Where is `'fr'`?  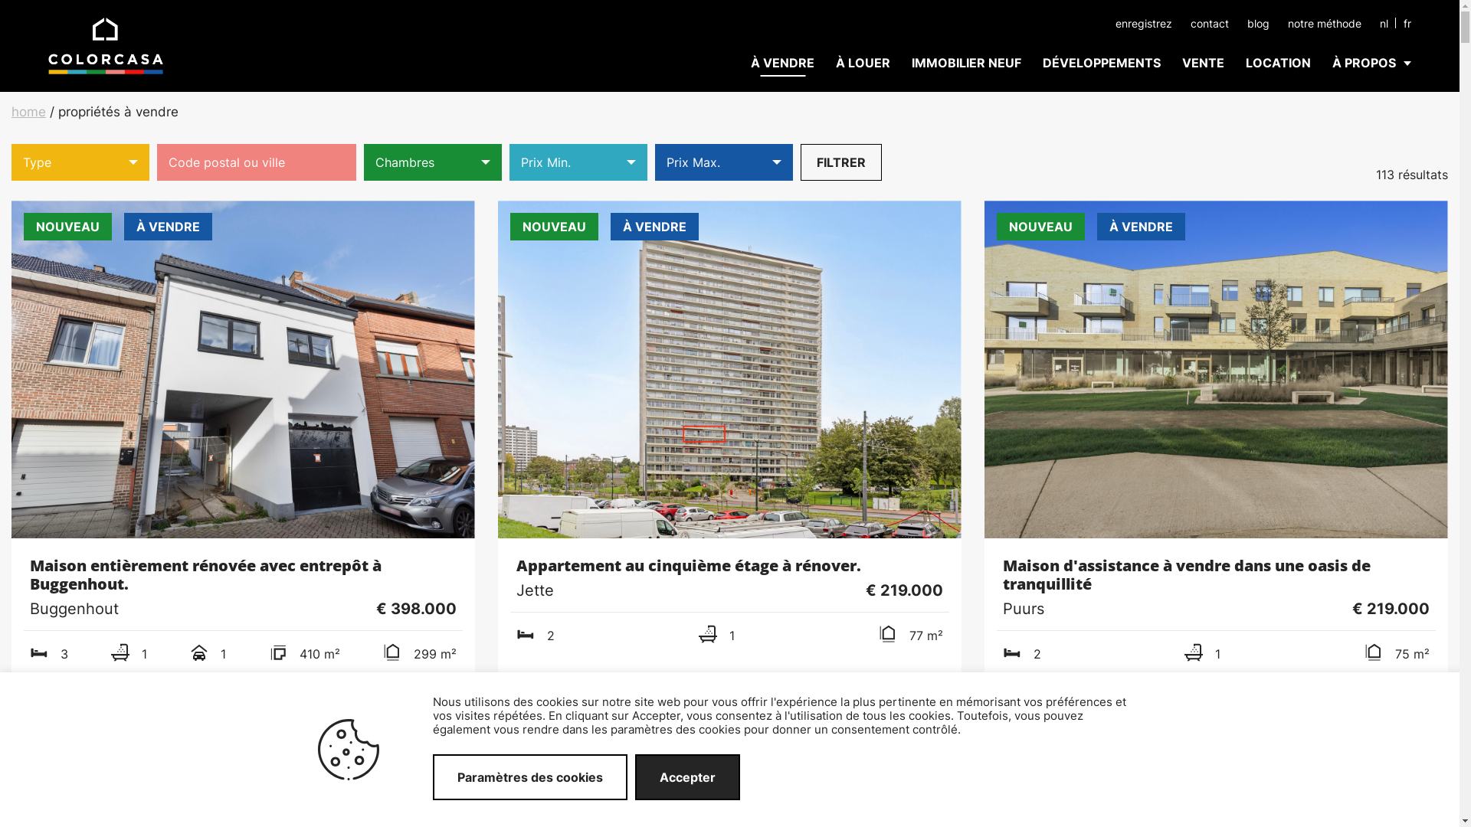 'fr' is located at coordinates (1404, 23).